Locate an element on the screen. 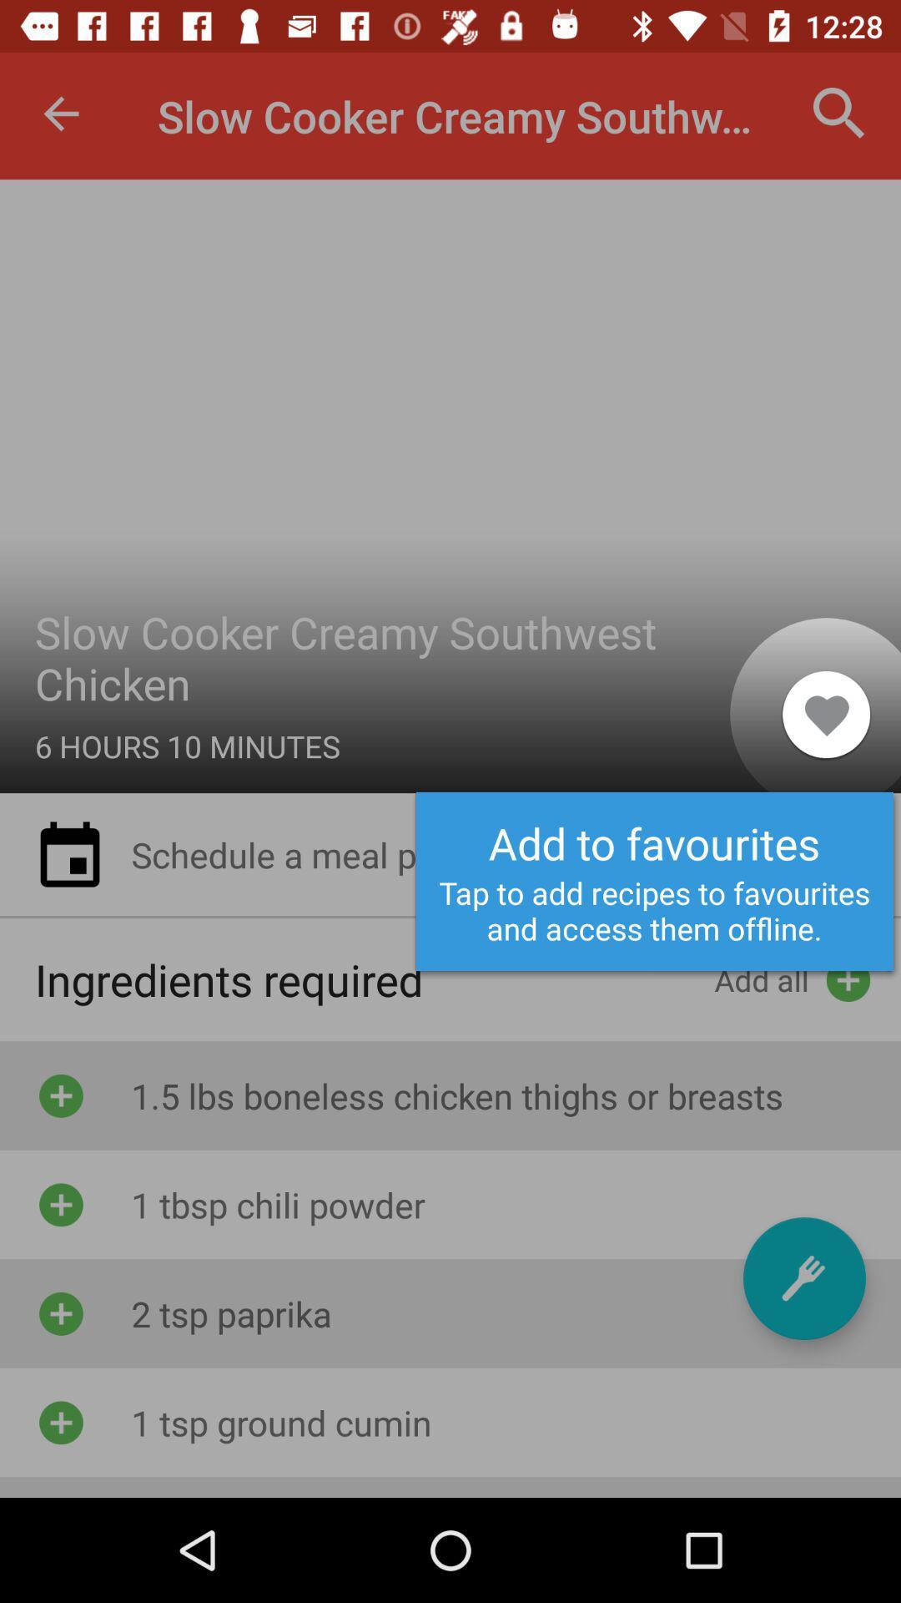  item to the left of slow cooker creamy item is located at coordinates (60, 113).